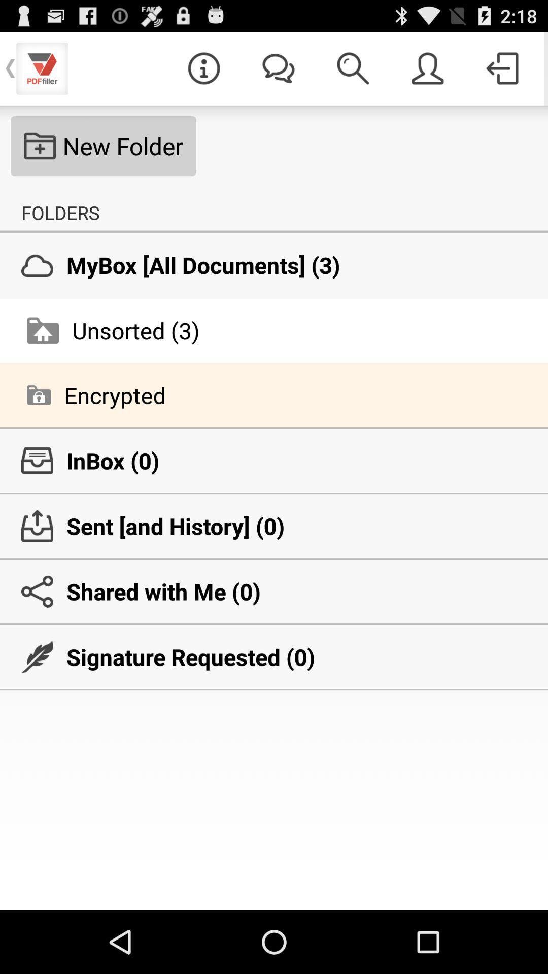  I want to click on item below the new folder button, so click(60, 212).